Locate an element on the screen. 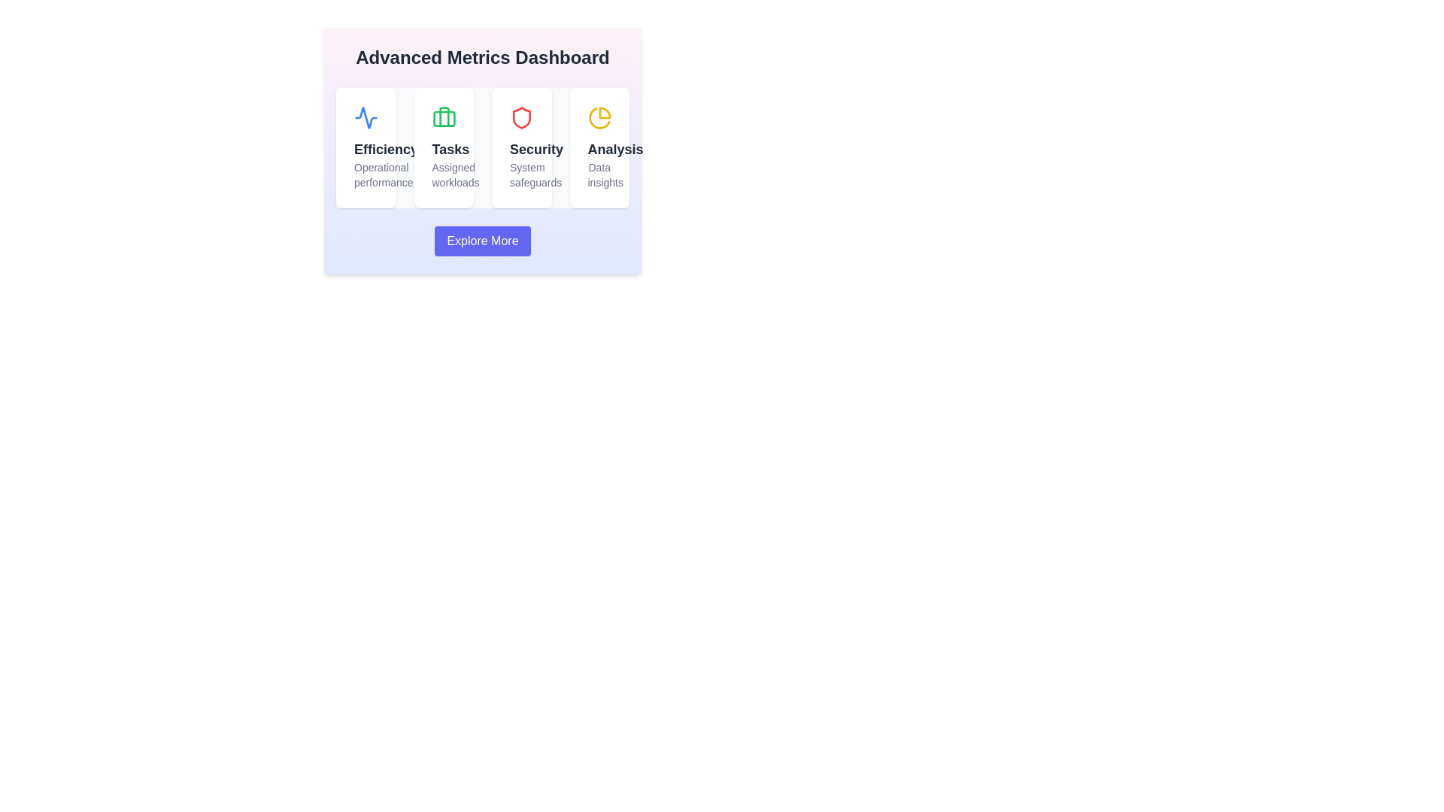 The width and height of the screenshot is (1444, 812). the visual representation of the icon located within the 'Tasks' card, which is the second card among four horizontally aligned cards, centered near the top area under the title 'Tasks' is located at coordinates (443, 117).